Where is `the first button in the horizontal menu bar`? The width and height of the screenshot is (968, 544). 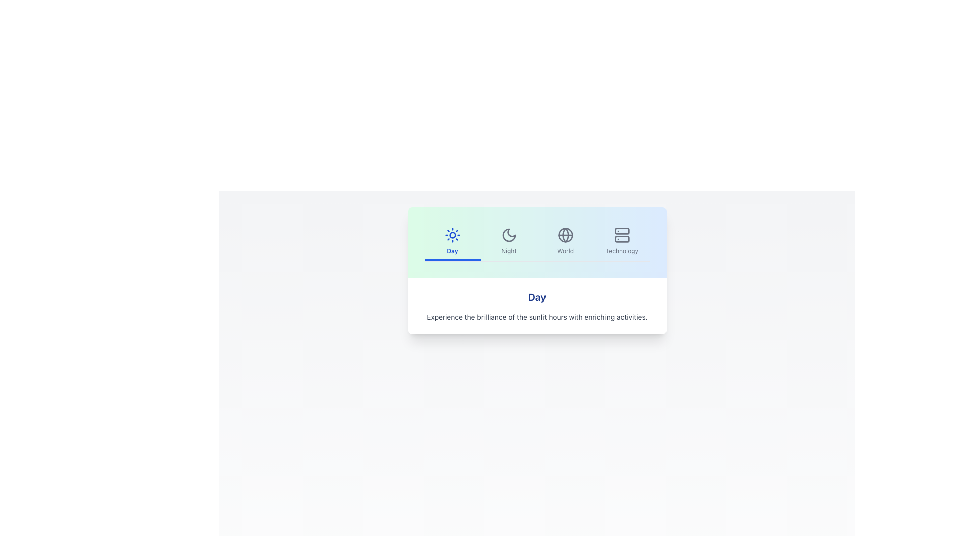 the first button in the horizontal menu bar is located at coordinates (452, 242).